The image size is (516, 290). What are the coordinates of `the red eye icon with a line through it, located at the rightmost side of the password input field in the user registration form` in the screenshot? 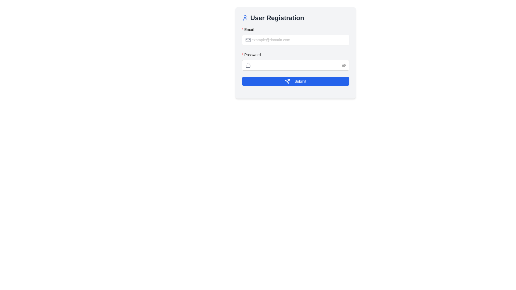 It's located at (343, 65).